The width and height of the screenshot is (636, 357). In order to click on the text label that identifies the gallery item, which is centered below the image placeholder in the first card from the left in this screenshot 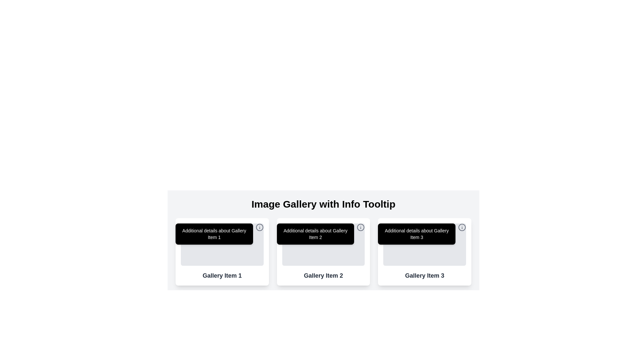, I will do `click(222, 275)`.